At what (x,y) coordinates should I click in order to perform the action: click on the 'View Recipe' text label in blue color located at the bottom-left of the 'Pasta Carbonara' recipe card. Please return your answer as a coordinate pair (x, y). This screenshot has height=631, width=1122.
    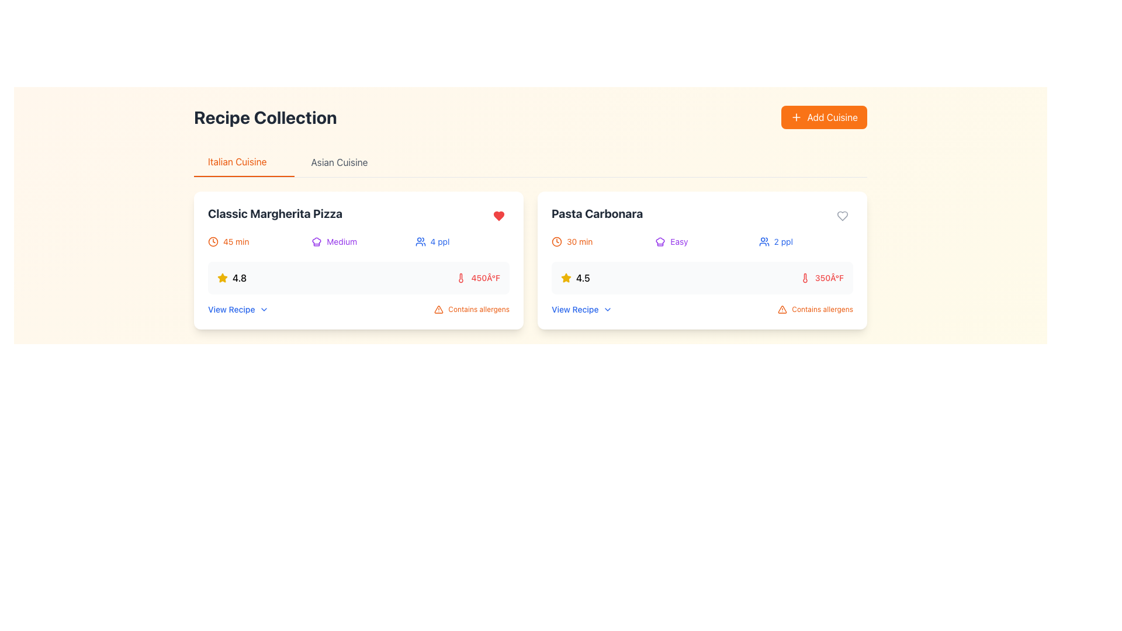
    Looking at the image, I should click on (575, 308).